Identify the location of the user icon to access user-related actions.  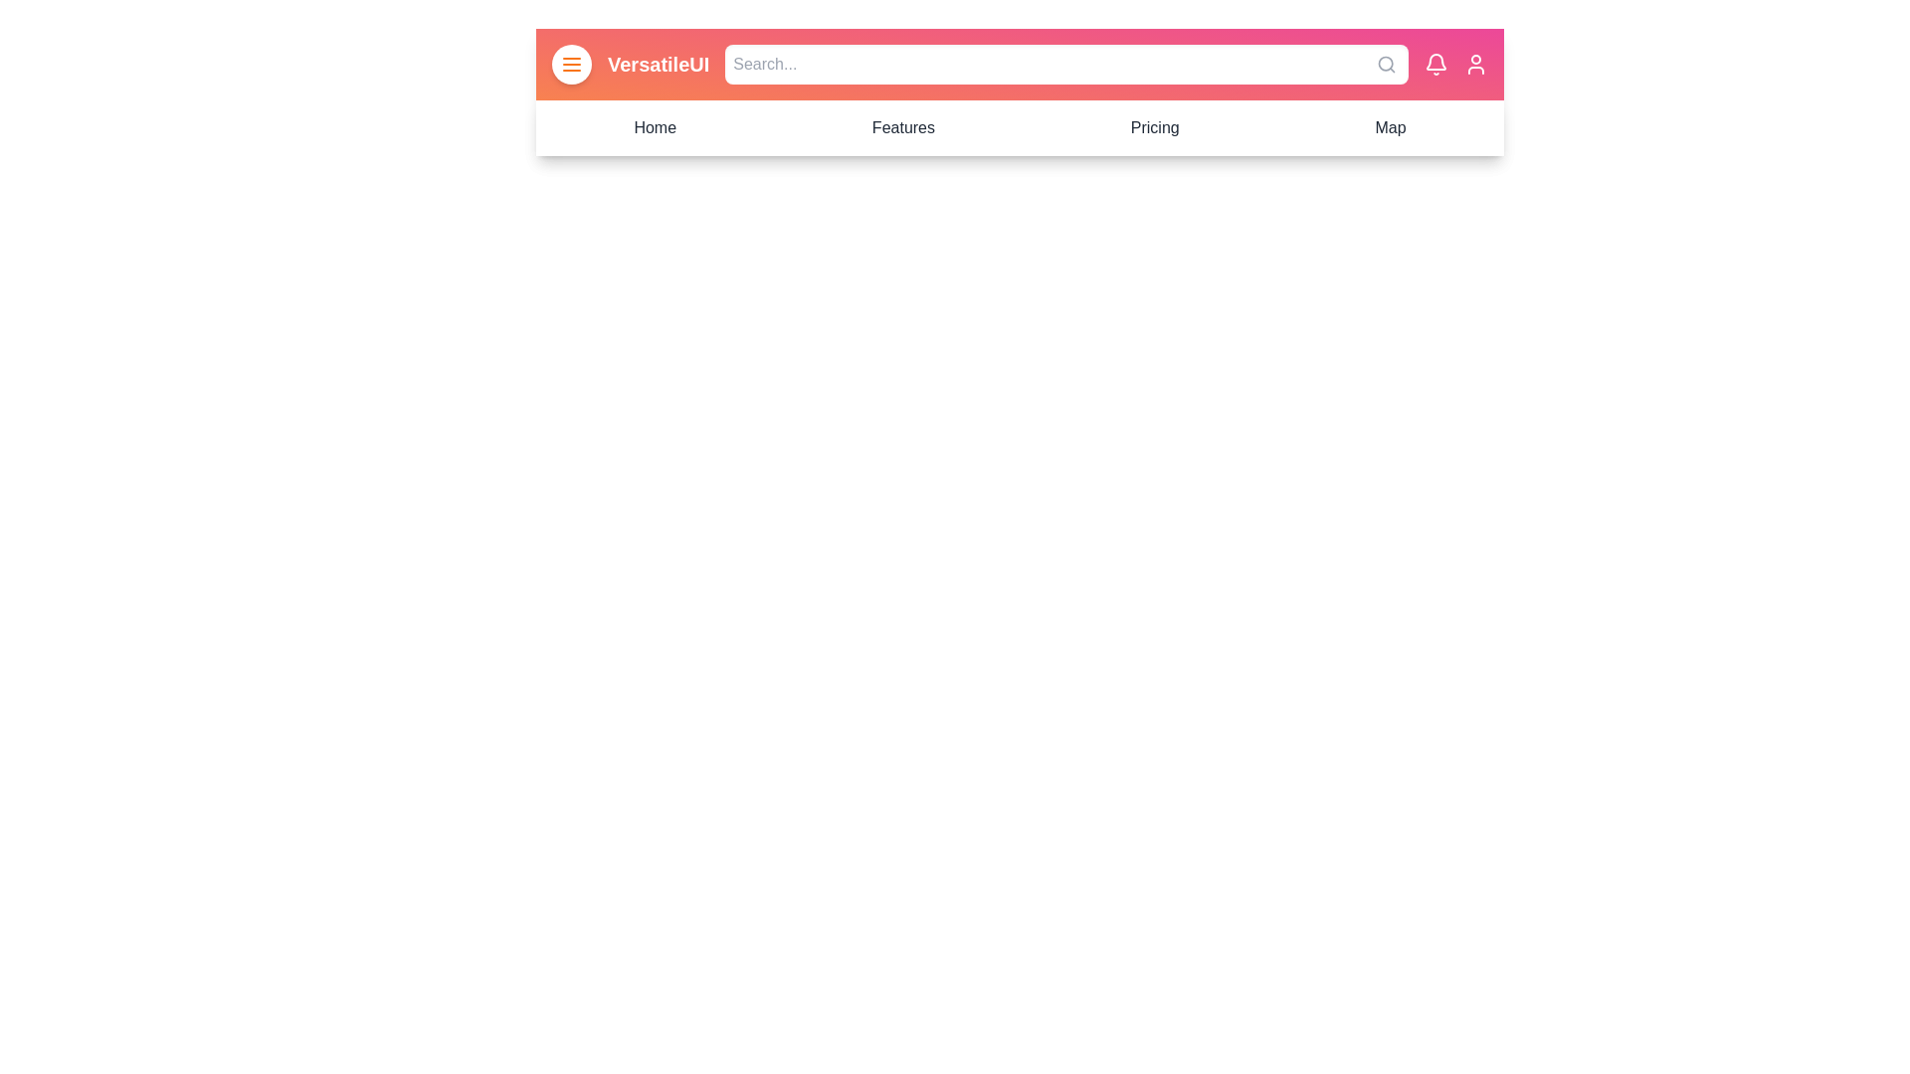
(1475, 64).